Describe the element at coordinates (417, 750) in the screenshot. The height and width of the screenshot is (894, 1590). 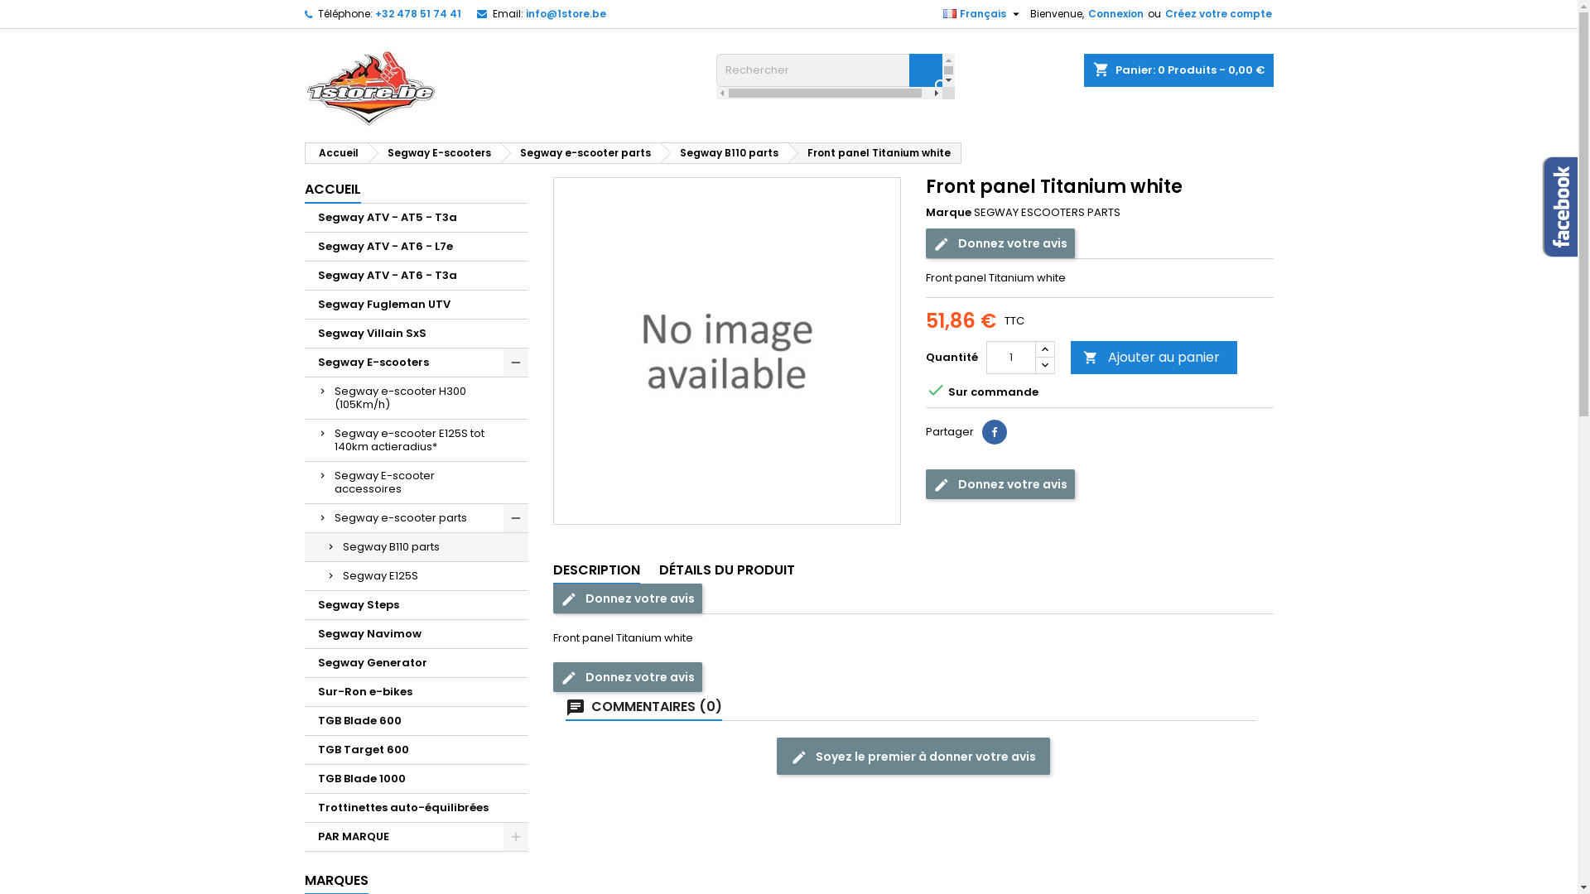
I see `'TGB Target 600'` at that location.